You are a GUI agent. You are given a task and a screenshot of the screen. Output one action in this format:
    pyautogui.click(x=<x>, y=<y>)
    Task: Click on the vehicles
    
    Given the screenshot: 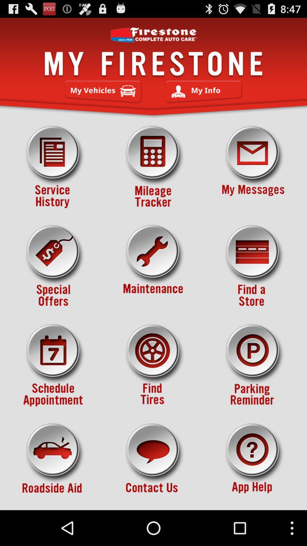 What is the action you would take?
    pyautogui.click(x=103, y=92)
    